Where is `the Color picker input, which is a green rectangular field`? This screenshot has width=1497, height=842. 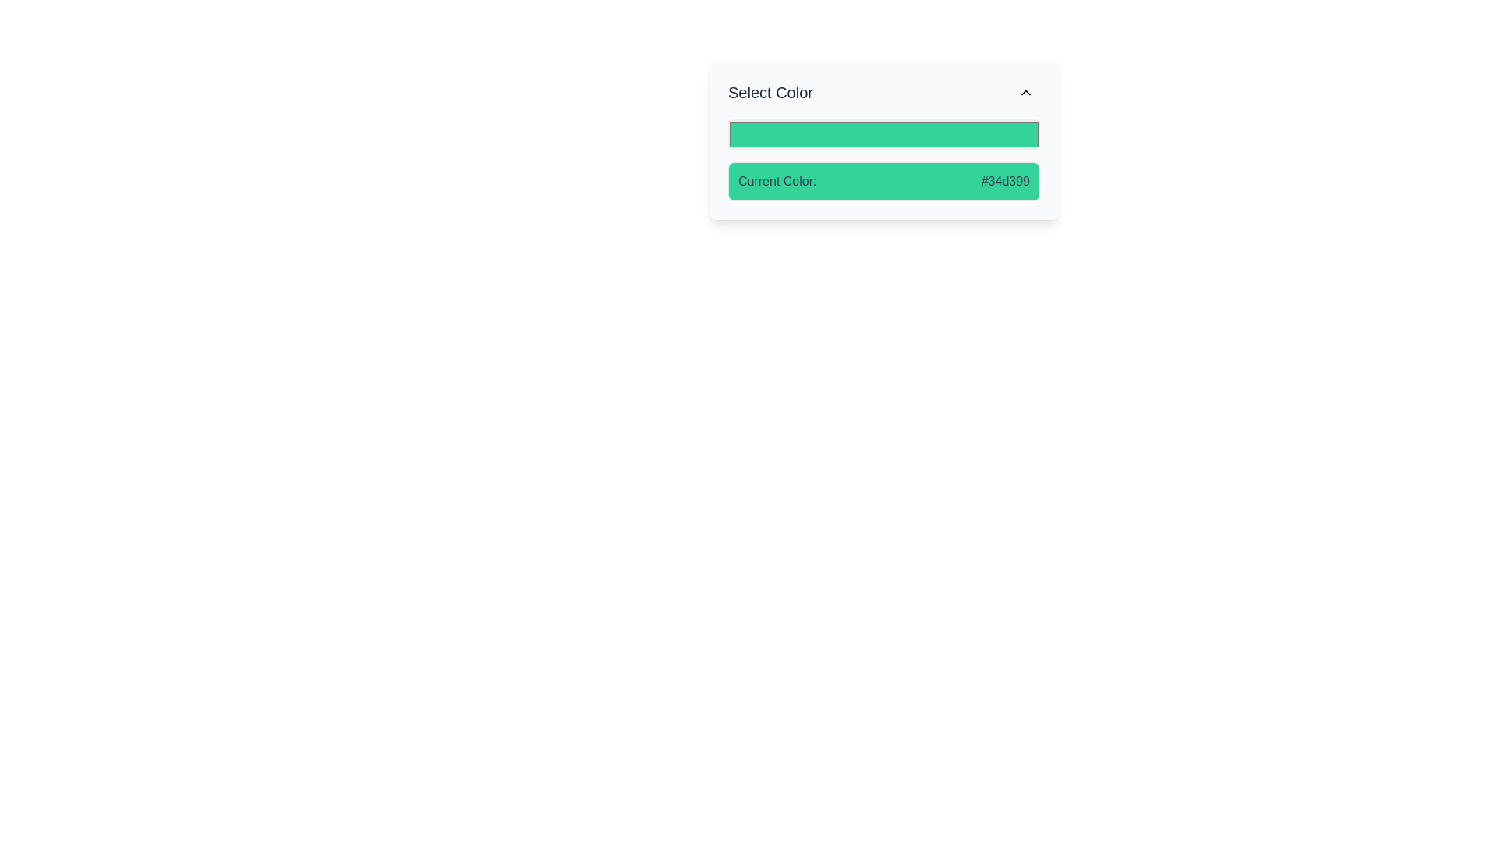 the Color picker input, which is a green rectangular field is located at coordinates (883, 134).